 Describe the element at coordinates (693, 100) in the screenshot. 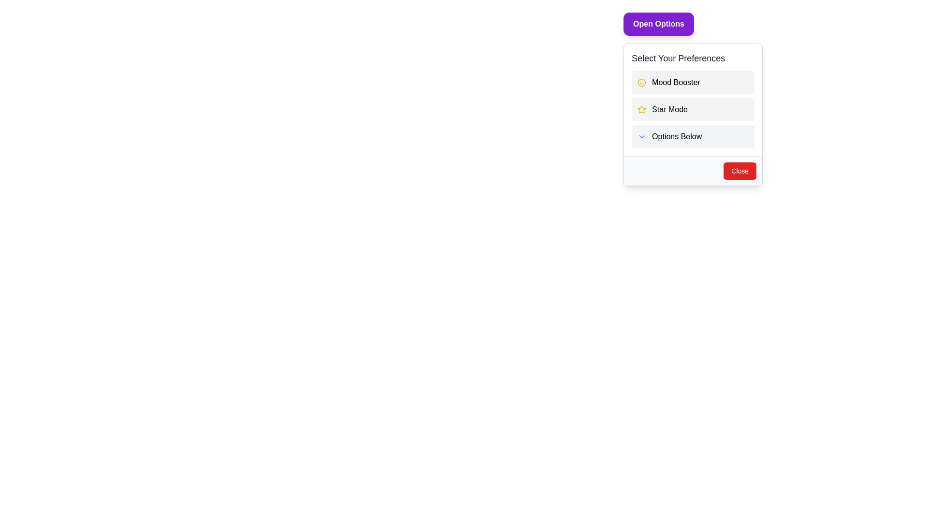

I see `the 'Star Mode' option in the 'Select Your Preferences' dropdown menu` at that location.